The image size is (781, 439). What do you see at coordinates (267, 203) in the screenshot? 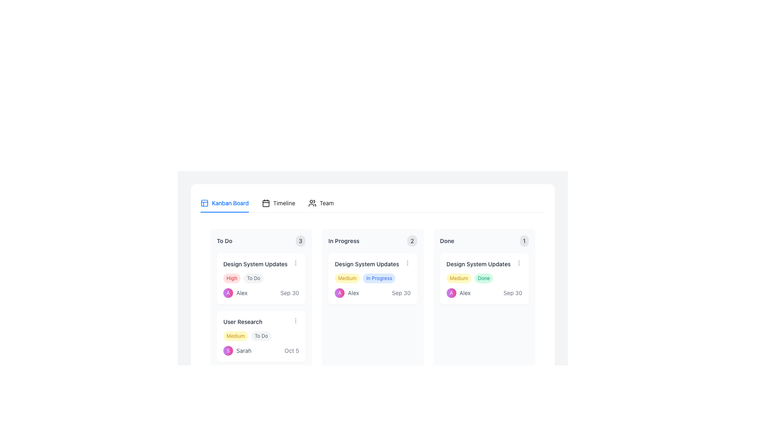
I see `the 'Timeline' tab in the navigation bar` at bounding box center [267, 203].